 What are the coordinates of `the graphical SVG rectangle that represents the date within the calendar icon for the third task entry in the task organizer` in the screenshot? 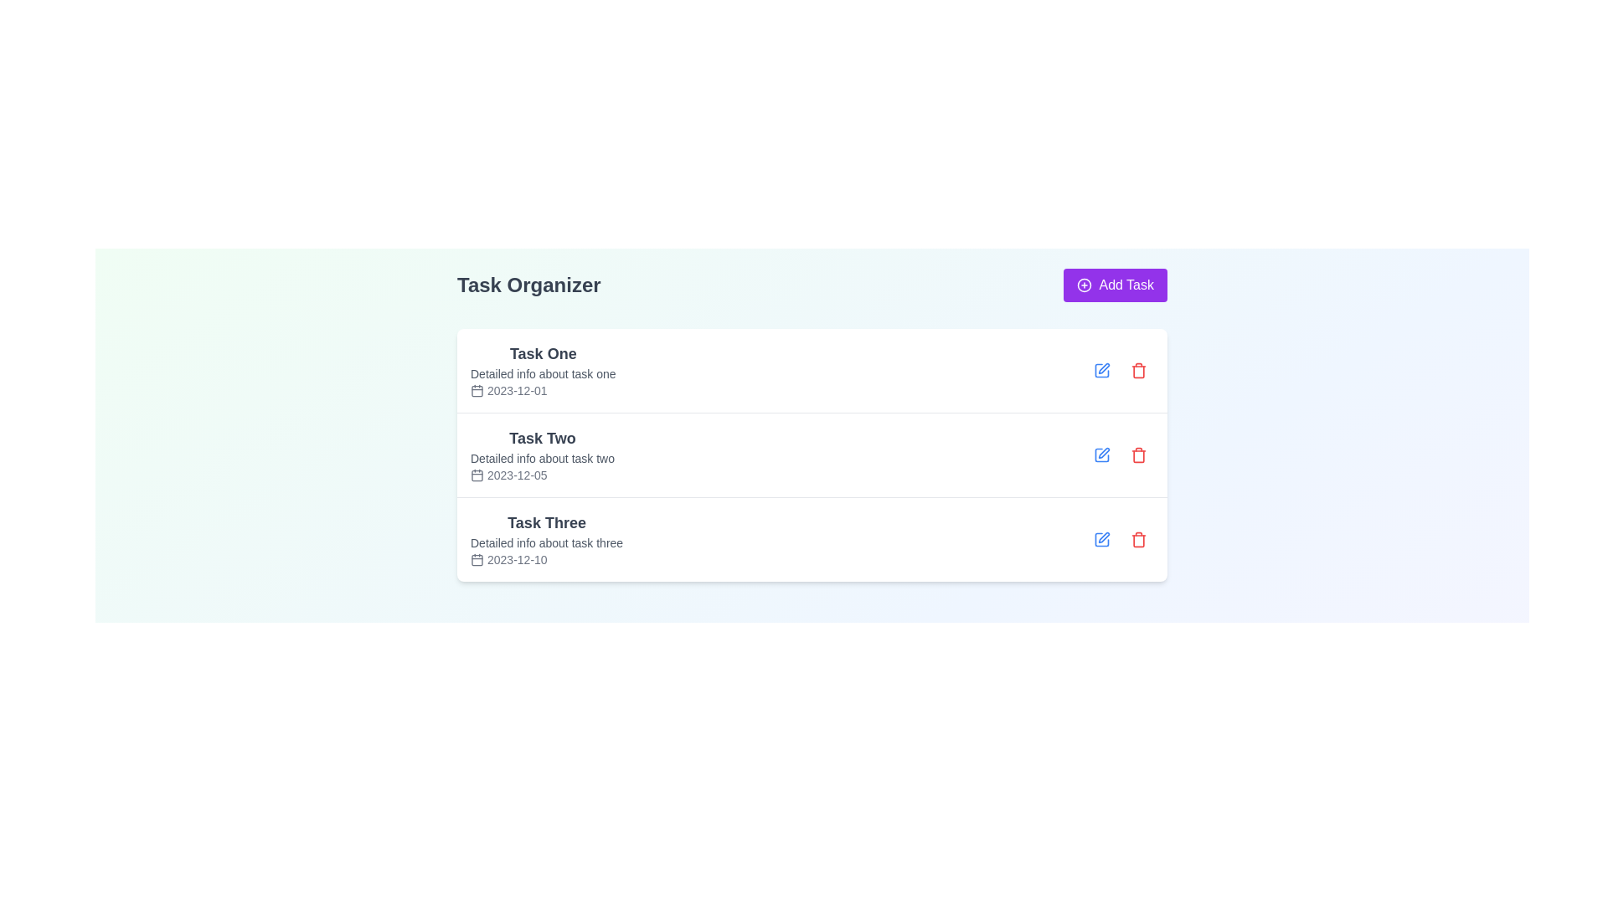 It's located at (477, 559).